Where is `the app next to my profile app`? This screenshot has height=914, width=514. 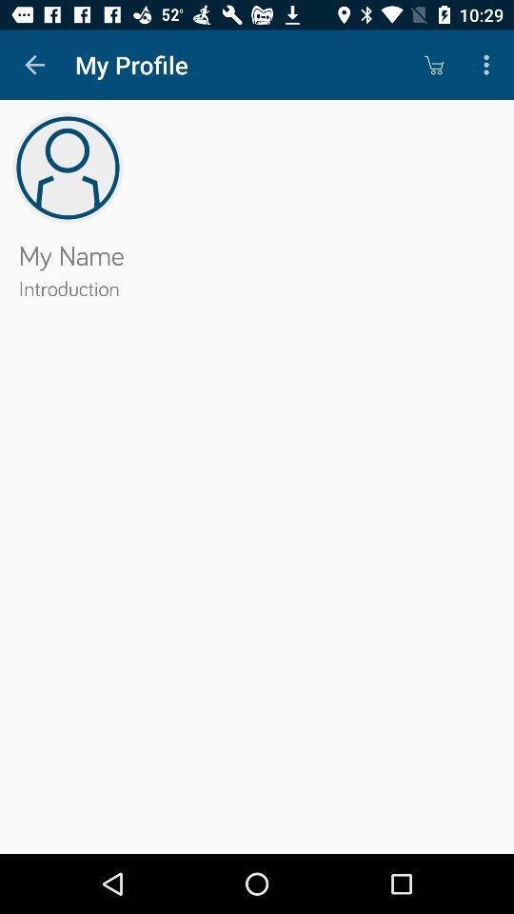
the app next to my profile app is located at coordinates (34, 65).